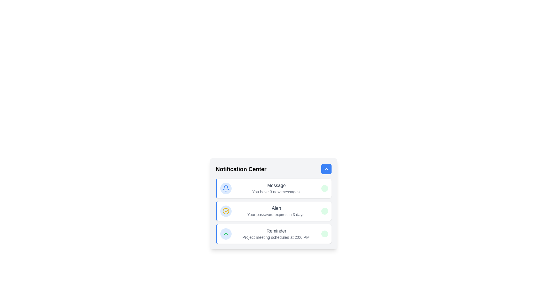 This screenshot has height=307, width=545. Describe the element at coordinates (226, 211) in the screenshot. I see `the circular checkmark icon with a yellow border in the second notification row labeled 'Alert' within the Notification Center` at that location.